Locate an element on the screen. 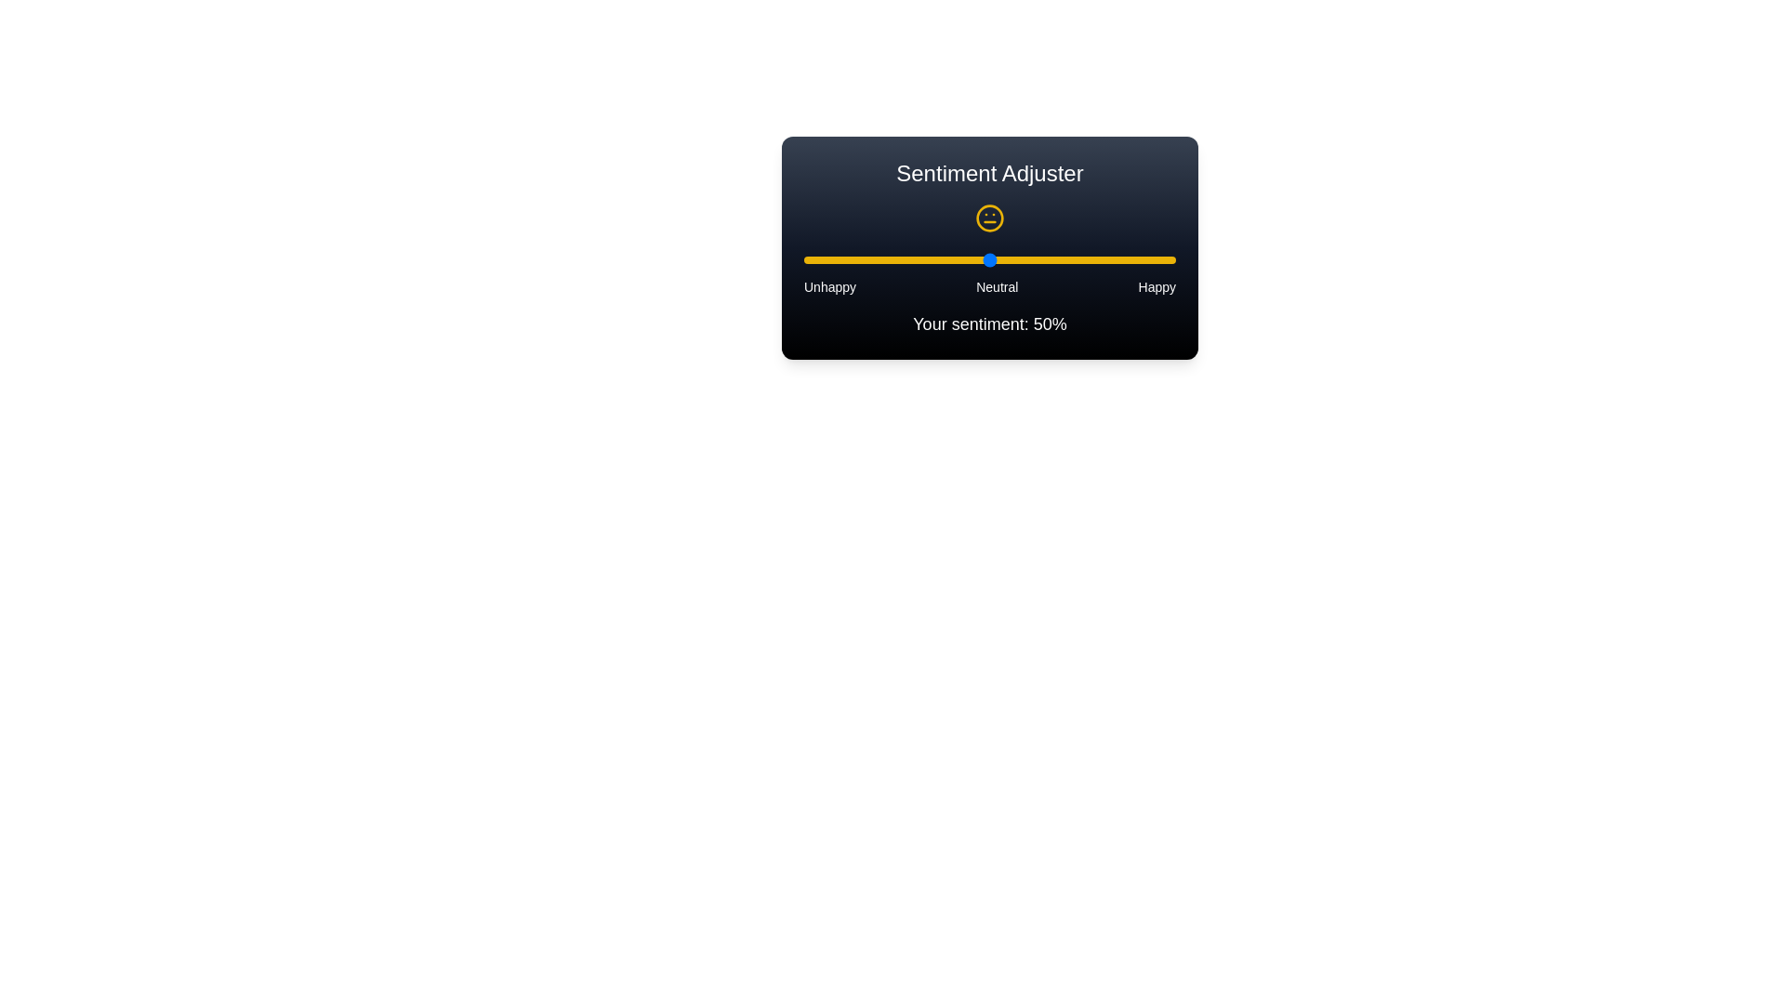 Image resolution: width=1785 pixels, height=1004 pixels. the slider to set the sentiment value to 80 is located at coordinates (1102, 260).